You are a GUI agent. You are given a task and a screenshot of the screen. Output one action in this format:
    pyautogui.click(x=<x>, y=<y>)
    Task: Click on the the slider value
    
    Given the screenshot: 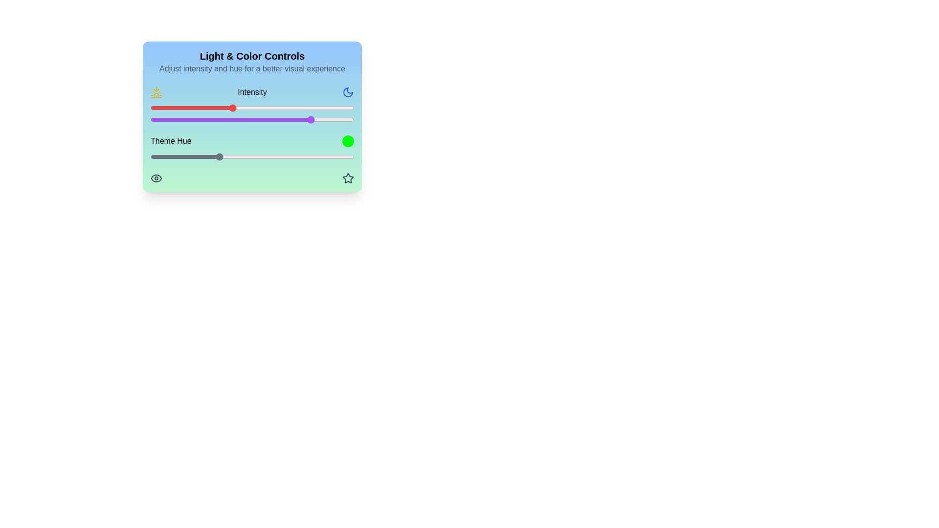 What is the action you would take?
    pyautogui.click(x=217, y=156)
    